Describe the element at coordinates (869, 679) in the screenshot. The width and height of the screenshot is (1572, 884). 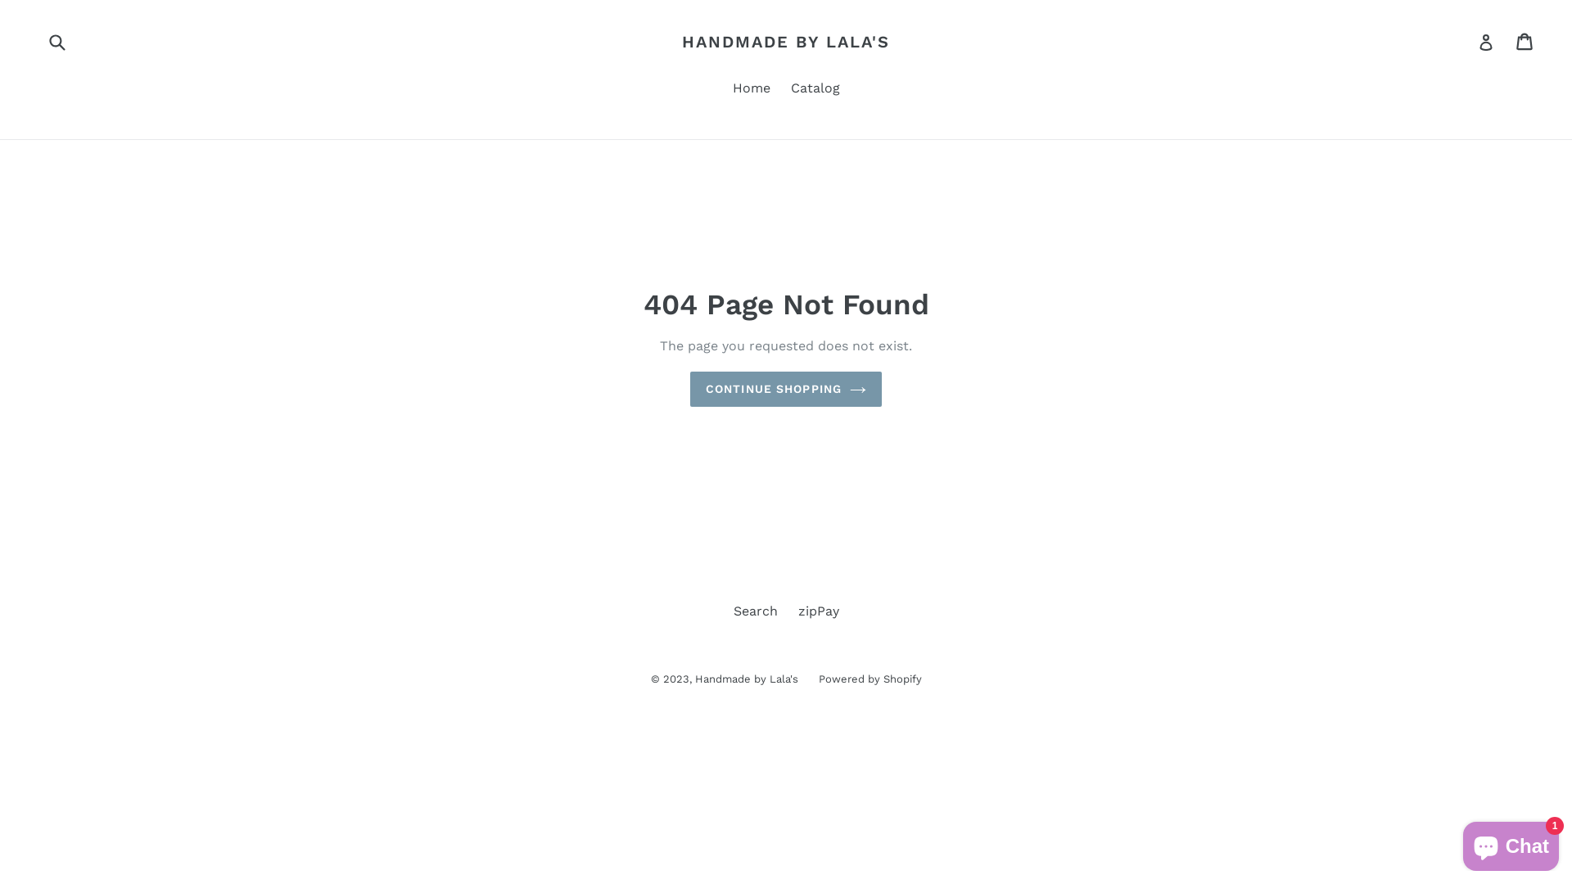
I see `'Powered by Shopify'` at that location.